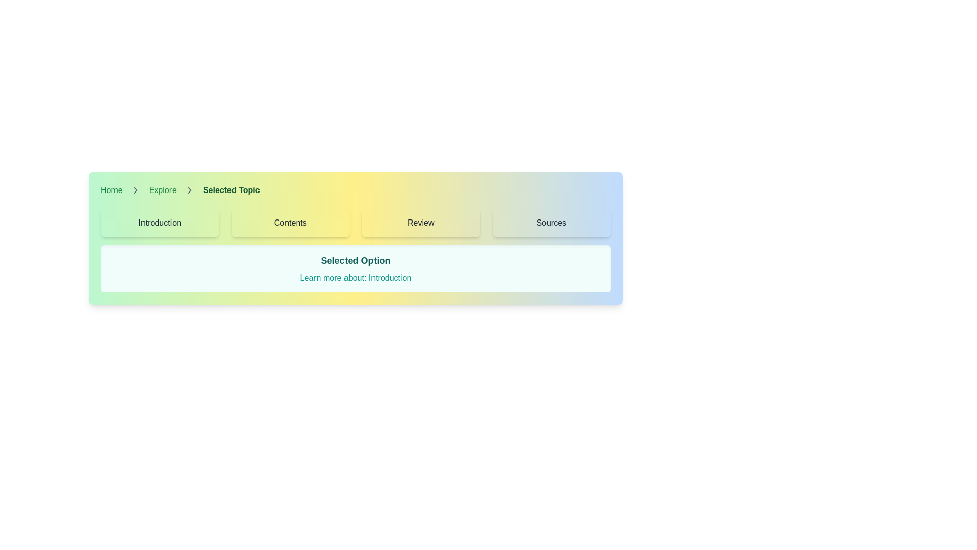 This screenshot has height=550, width=977. I want to click on the breadcrumb separator icon located between 'Explore' and 'Selected Topic' in the navigation bar, so click(135, 190).